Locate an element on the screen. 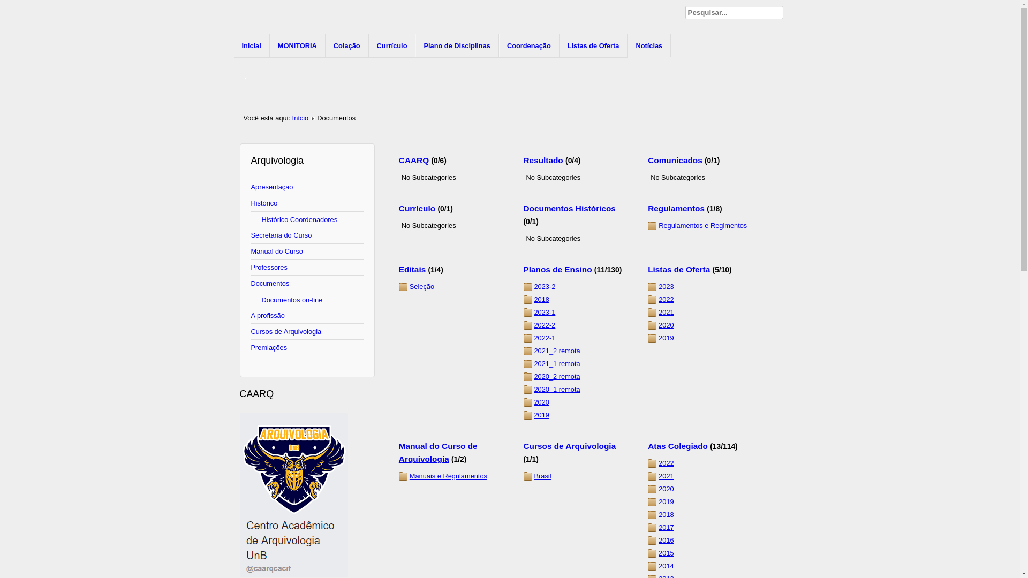  '2021_2 remota' is located at coordinates (557, 351).